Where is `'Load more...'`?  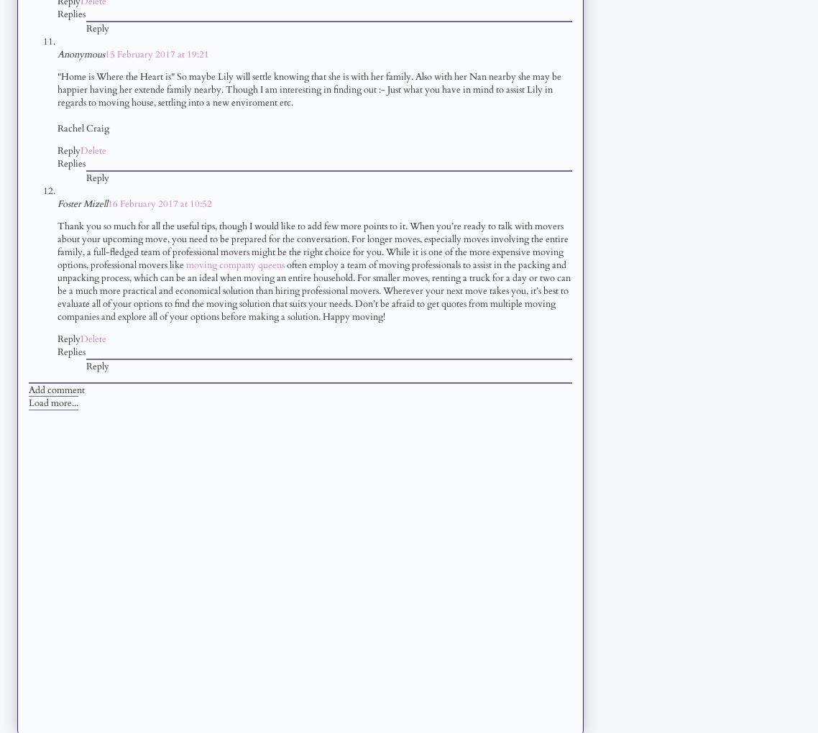
'Load more...' is located at coordinates (52, 402).